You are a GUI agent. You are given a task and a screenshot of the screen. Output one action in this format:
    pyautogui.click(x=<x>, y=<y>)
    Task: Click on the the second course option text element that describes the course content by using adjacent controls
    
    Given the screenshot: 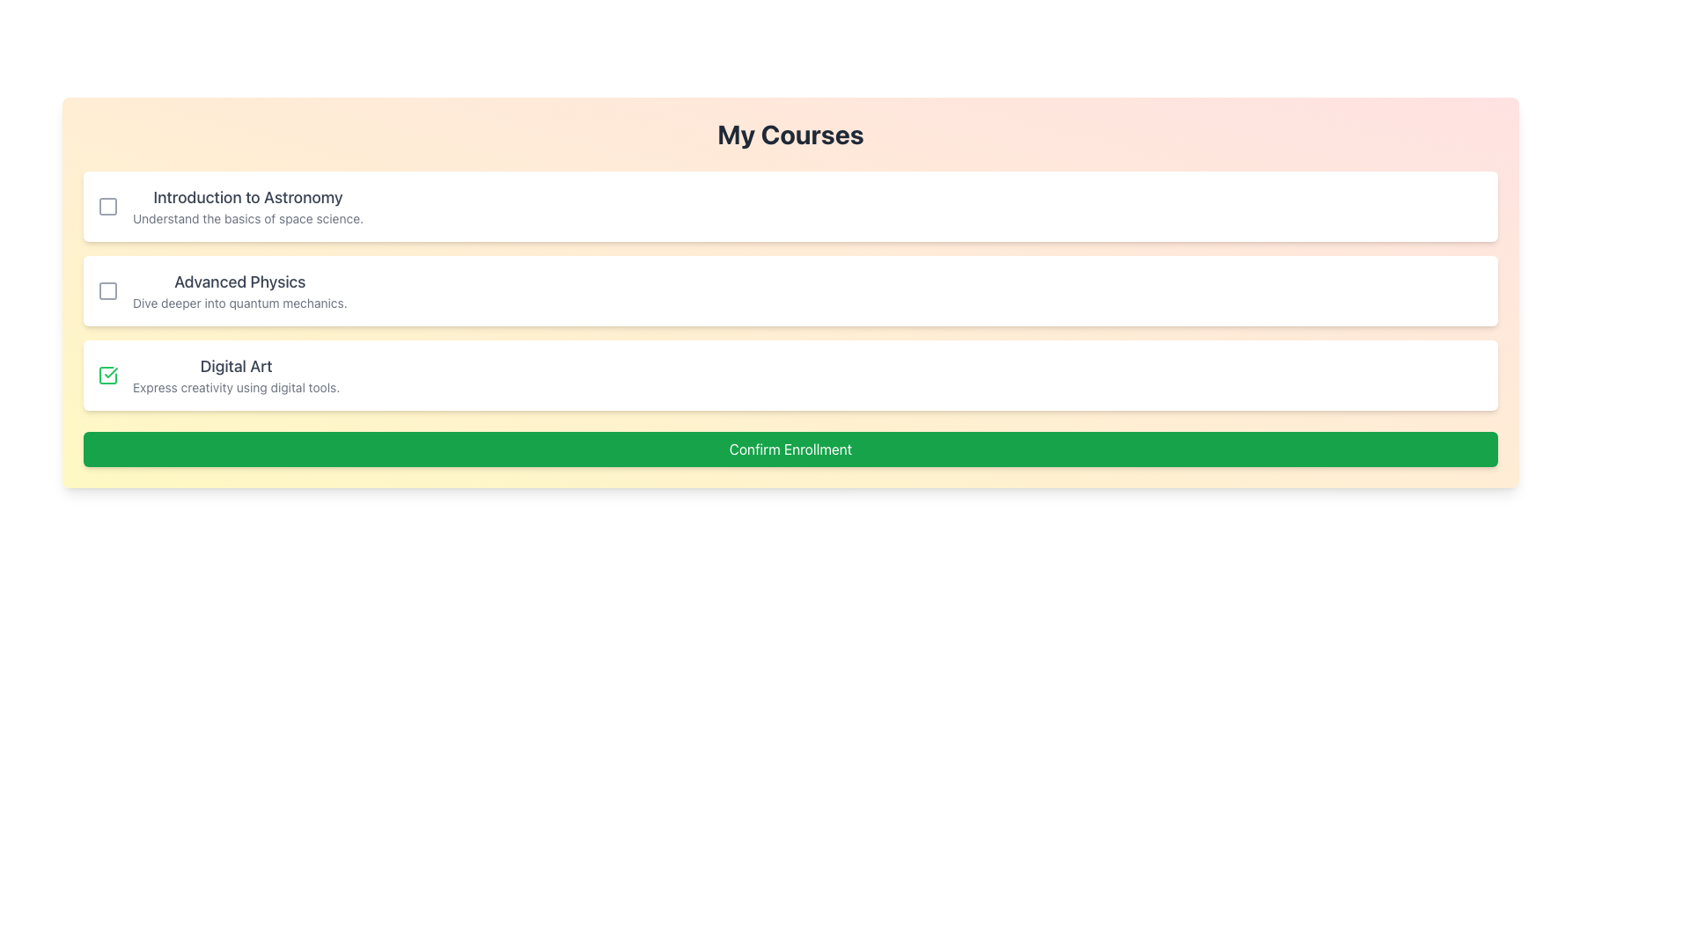 What is the action you would take?
    pyautogui.click(x=239, y=290)
    